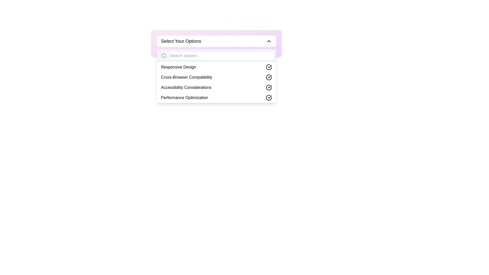 This screenshot has width=489, height=275. I want to click on to select text in the text input field with a light gray border and placeholder 'Search options...' located within the 'Select Your Options' dropdown menu, so click(221, 56).